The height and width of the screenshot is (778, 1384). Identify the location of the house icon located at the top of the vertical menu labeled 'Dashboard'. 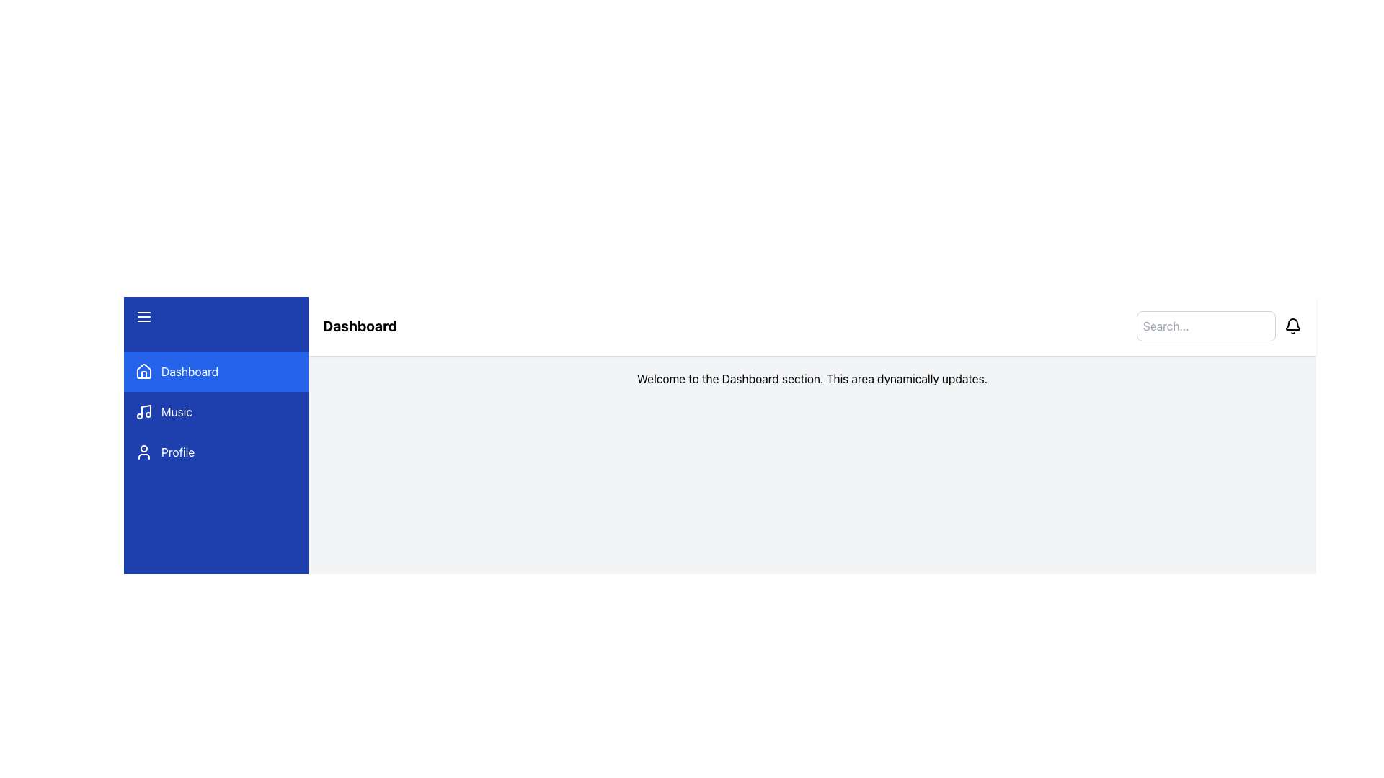
(144, 374).